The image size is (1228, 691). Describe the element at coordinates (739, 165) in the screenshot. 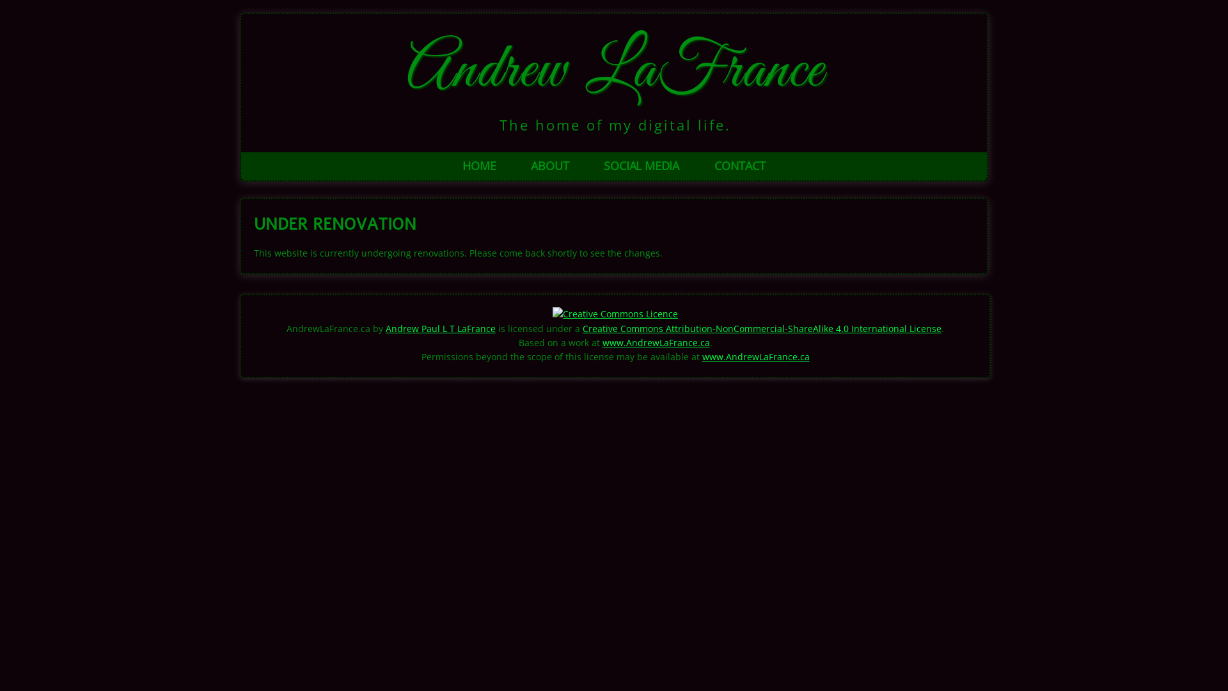

I see `'CONTACT'` at that location.